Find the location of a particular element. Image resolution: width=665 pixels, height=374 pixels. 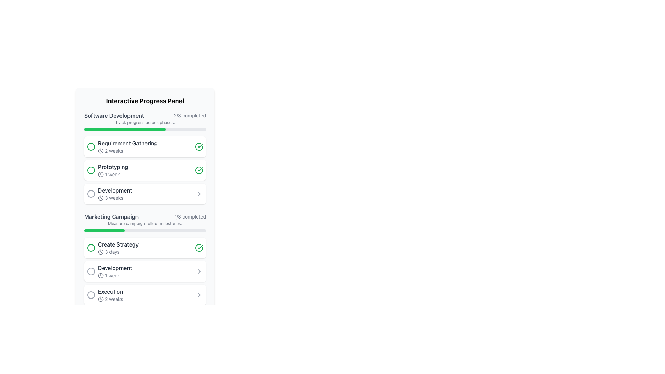

the Task Entry labeled 'Execution' with an estimated duration of '2 weeks' within the Marketing Campaign section of the interactive progress panel is located at coordinates (104, 295).